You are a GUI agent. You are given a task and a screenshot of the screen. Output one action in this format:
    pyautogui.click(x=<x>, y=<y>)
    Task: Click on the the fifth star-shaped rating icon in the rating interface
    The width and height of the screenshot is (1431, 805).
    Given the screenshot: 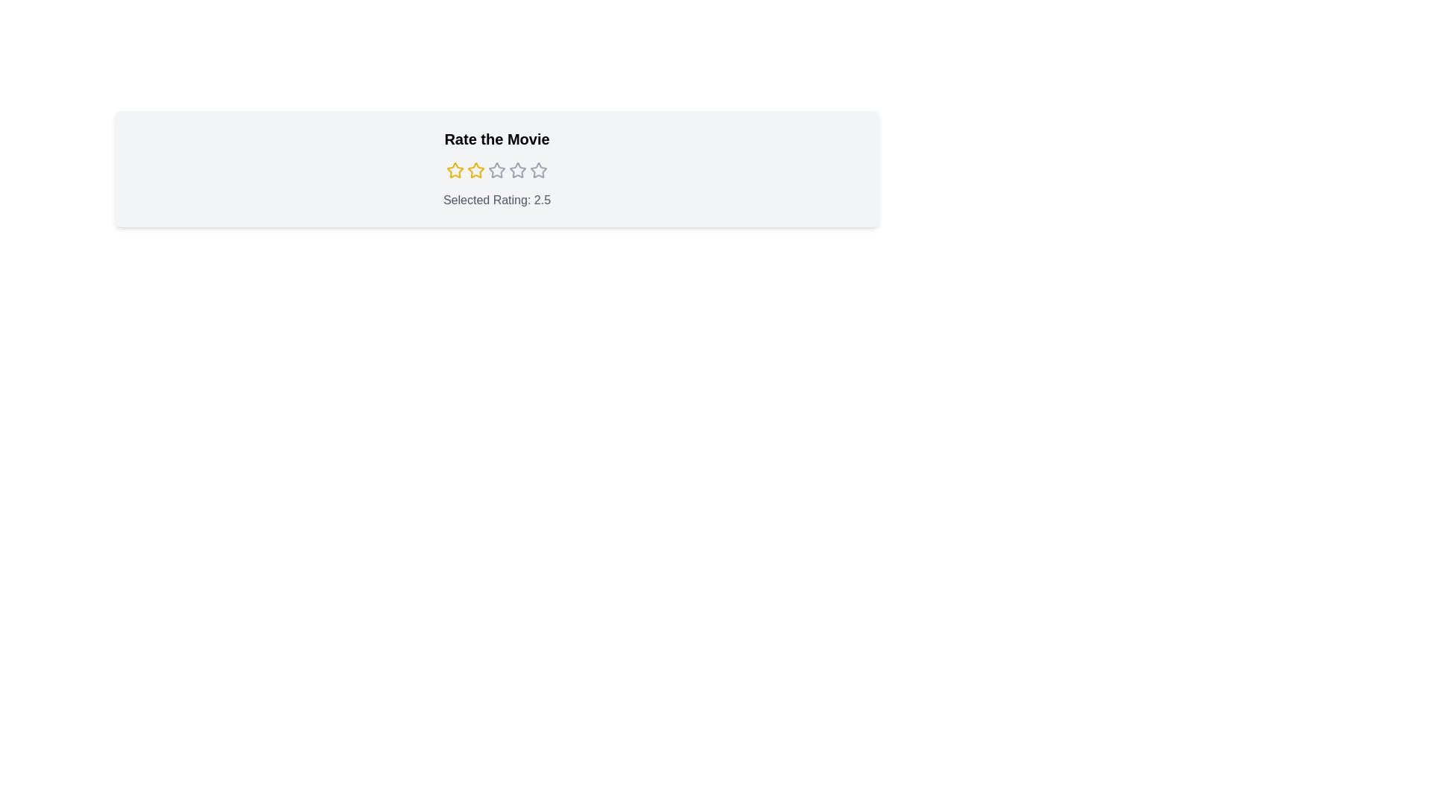 What is the action you would take?
    pyautogui.click(x=538, y=169)
    